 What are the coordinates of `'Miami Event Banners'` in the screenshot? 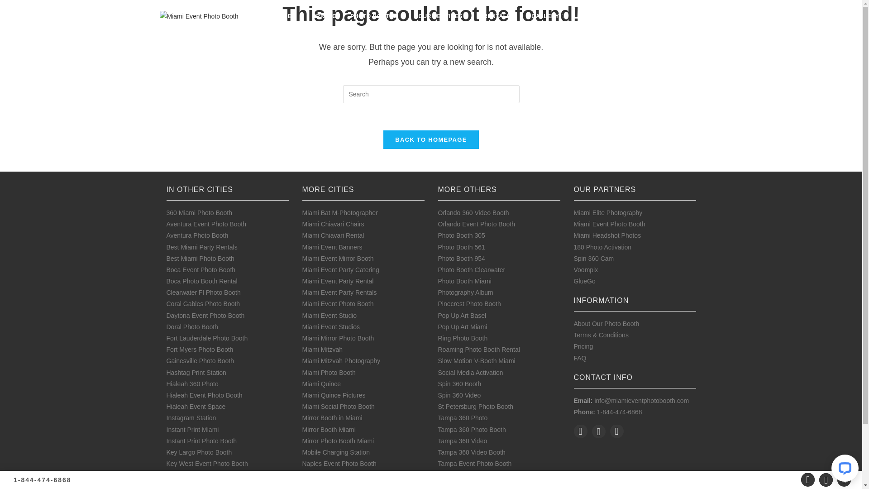 It's located at (332, 247).